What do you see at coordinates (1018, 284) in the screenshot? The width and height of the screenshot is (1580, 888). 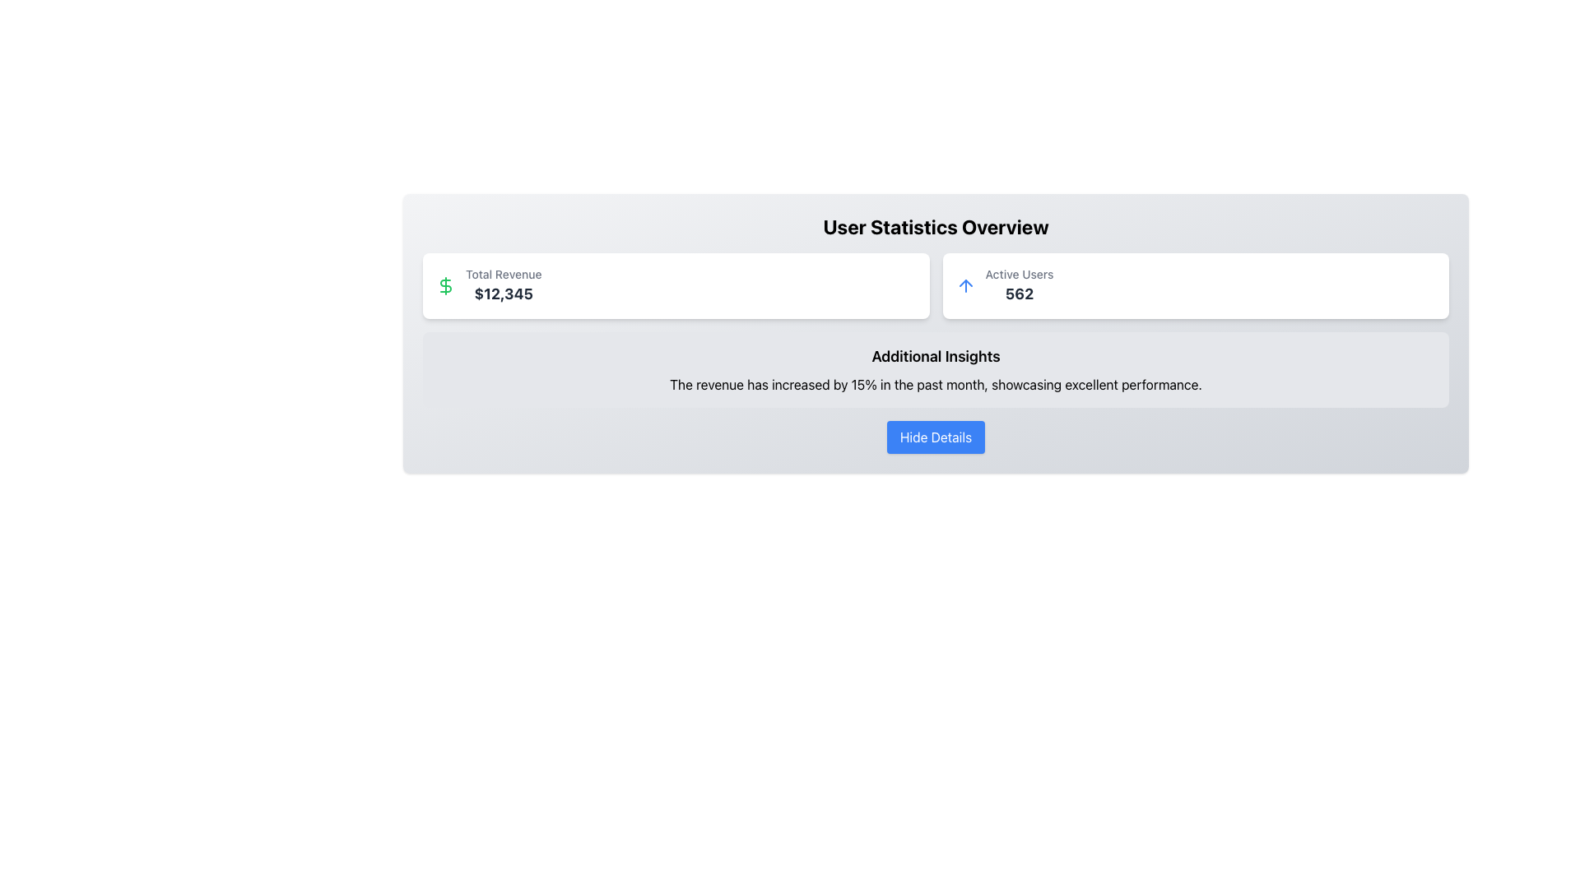 I see `the displayed count of active users in the Text Display located to the right of the upward arrow icon within the 'User Statistics Overview' section` at bounding box center [1018, 284].